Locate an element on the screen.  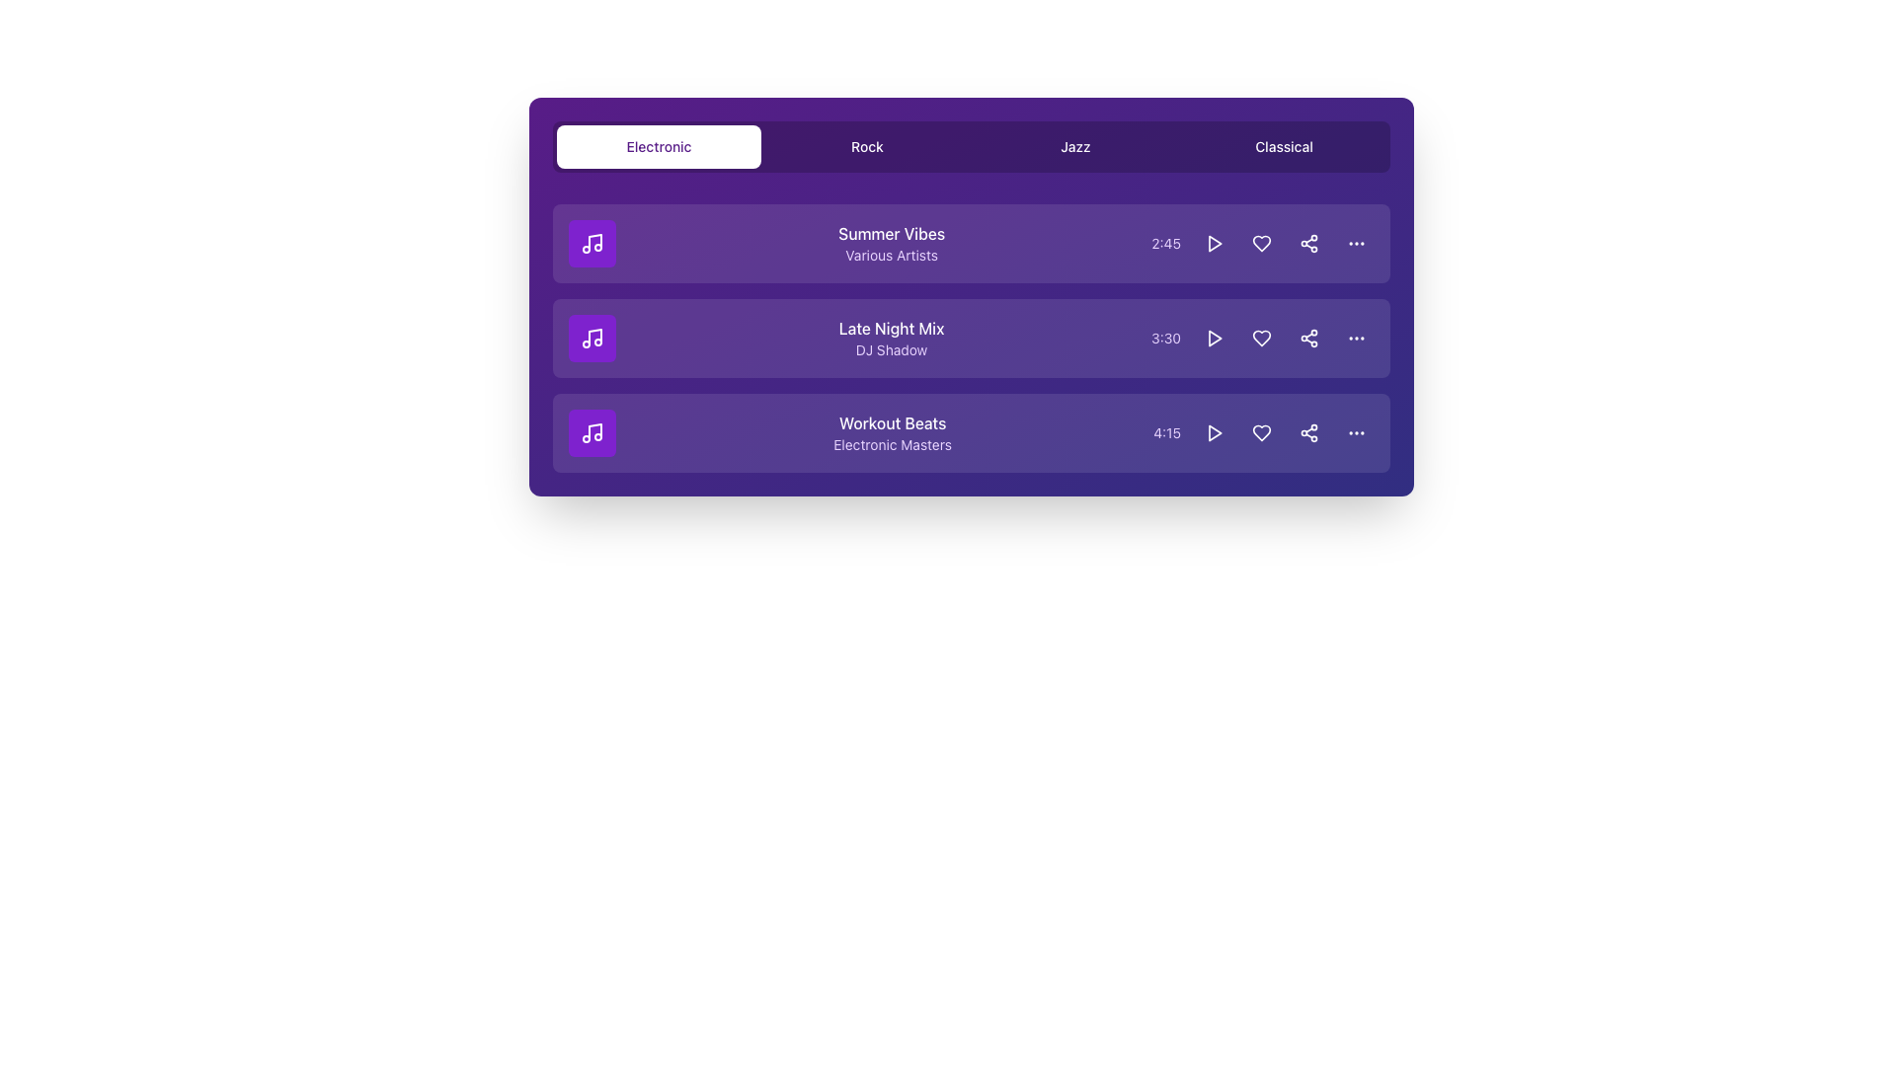
the heart-shaped icon button located in the bottom right section of the third row in a list of items is located at coordinates (1260, 432).